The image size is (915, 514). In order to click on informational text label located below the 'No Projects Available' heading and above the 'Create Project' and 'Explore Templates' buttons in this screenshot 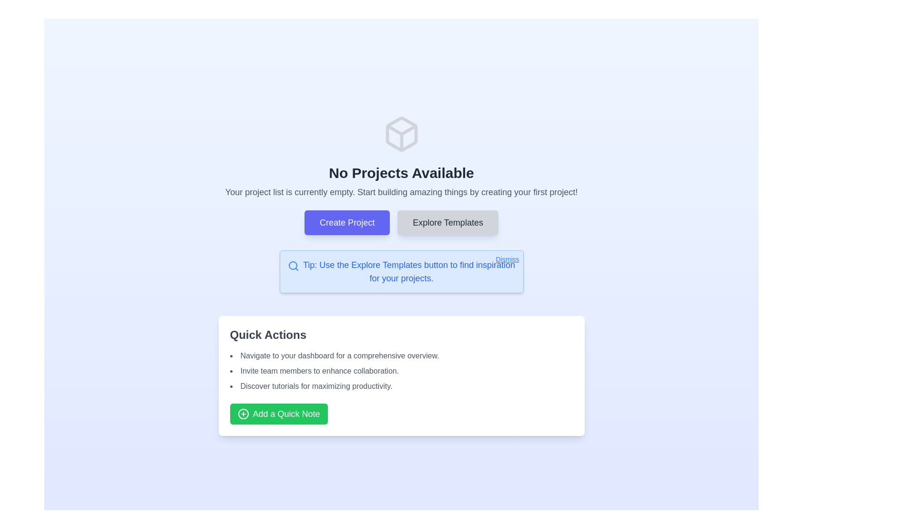, I will do `click(401, 192)`.